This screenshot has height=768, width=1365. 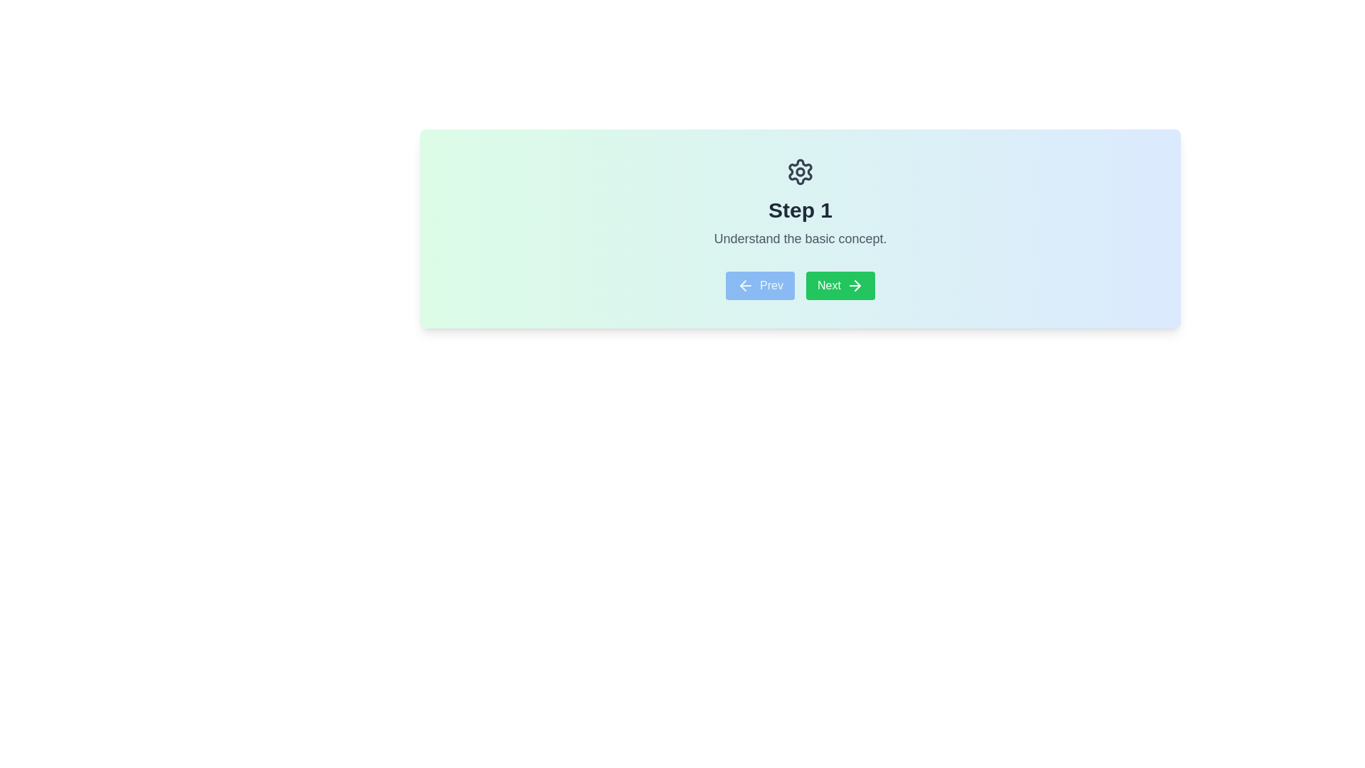 What do you see at coordinates (801, 285) in the screenshot?
I see `the Navigation buttons group containing 'Prev' and 'Next' buttons, which are horizontally aligned and located below the title 'Step 1' and subtitle 'Understand the basic concept.'` at bounding box center [801, 285].